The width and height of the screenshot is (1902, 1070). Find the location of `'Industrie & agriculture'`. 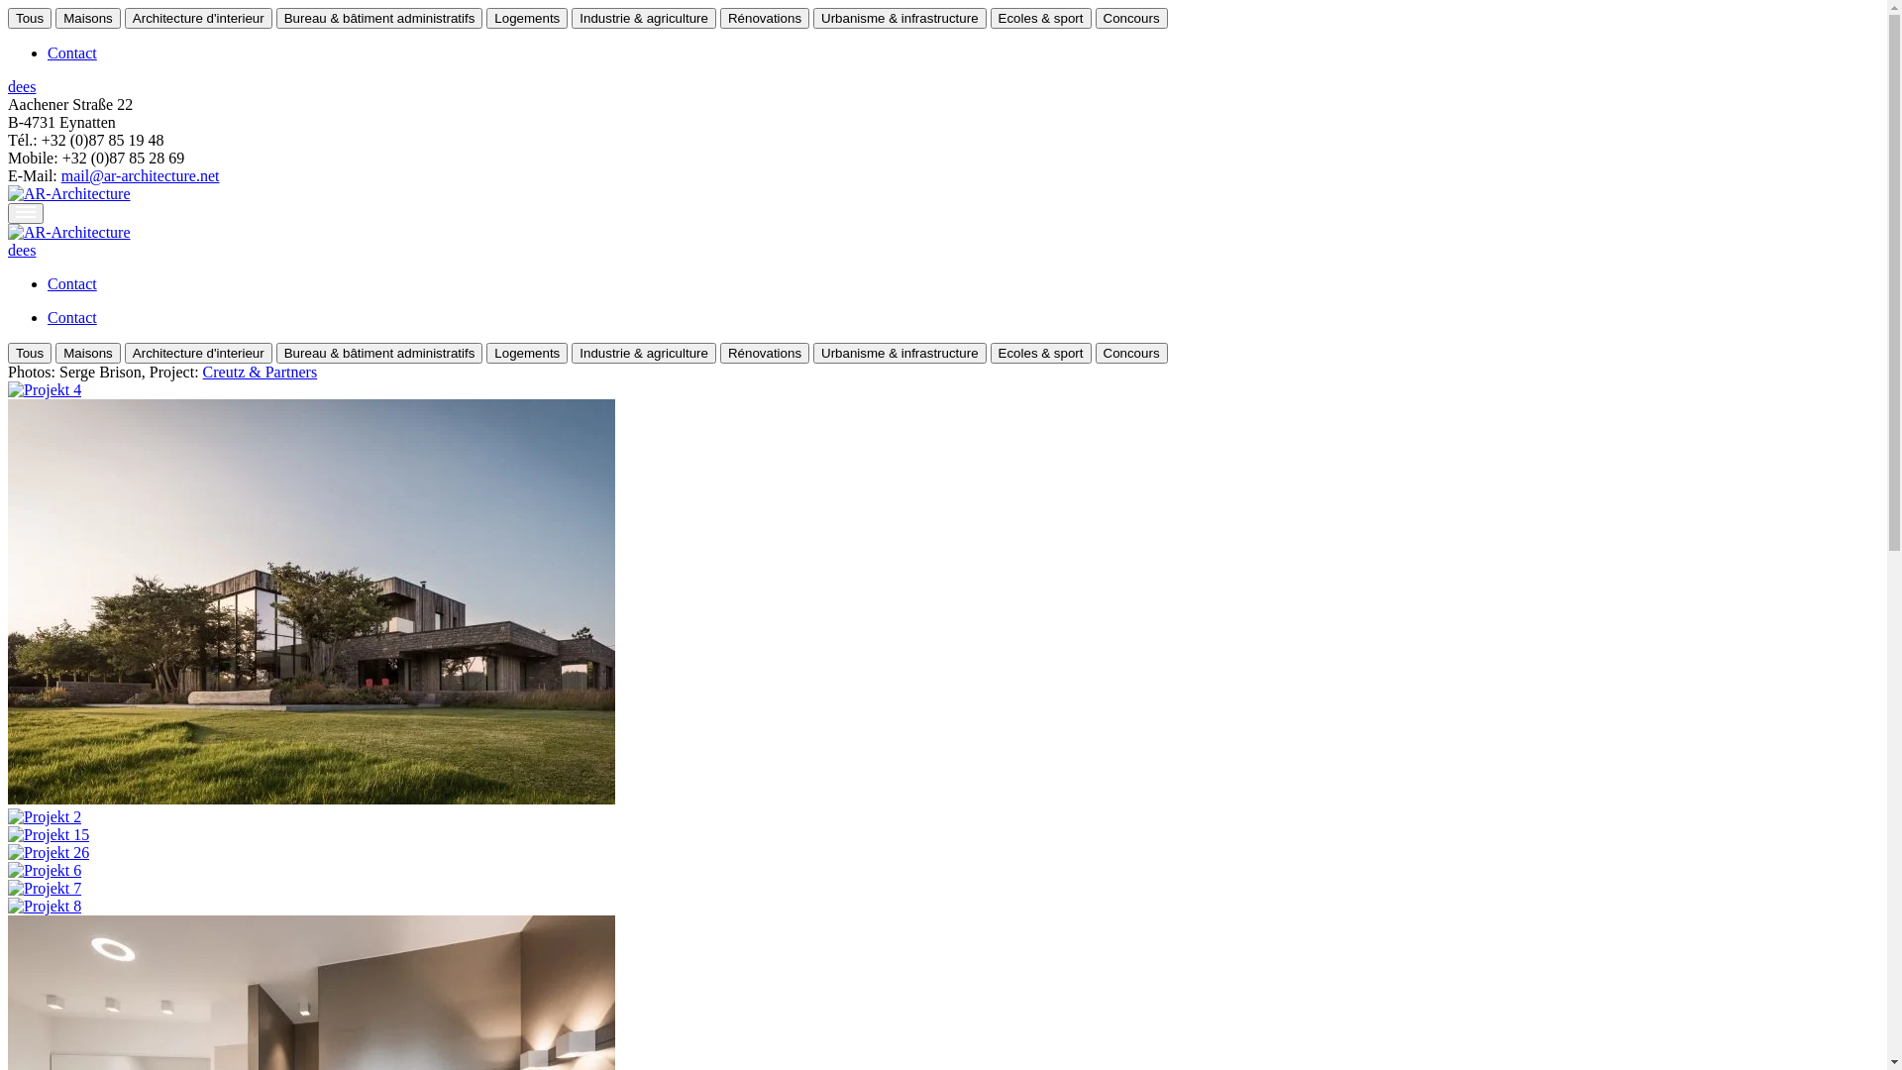

'Industrie & agriculture' is located at coordinates (643, 18).